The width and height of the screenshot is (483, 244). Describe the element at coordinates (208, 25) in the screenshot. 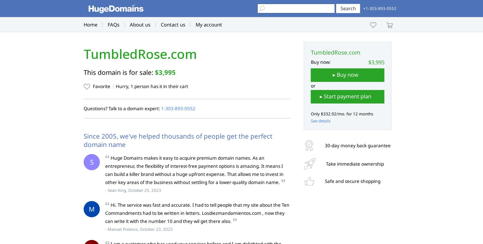

I see `'My account'` at that location.